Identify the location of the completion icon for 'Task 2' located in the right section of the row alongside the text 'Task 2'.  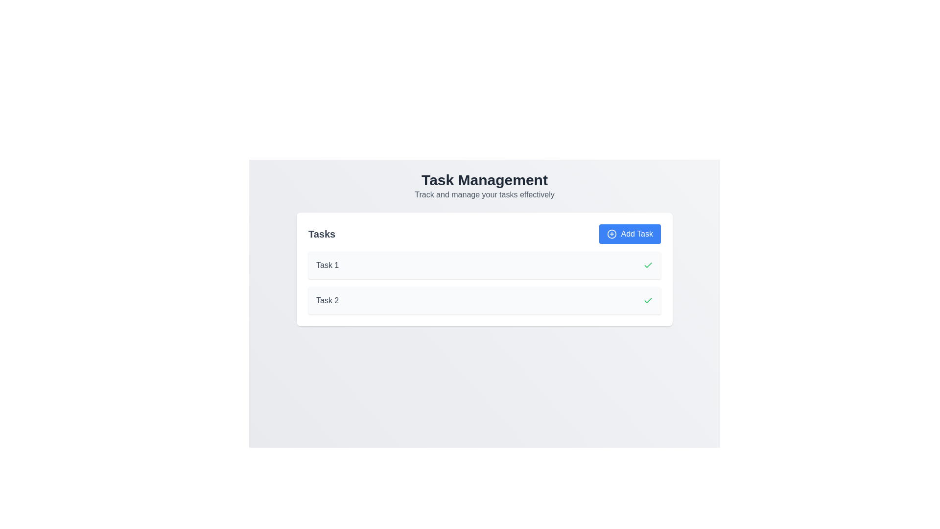
(648, 300).